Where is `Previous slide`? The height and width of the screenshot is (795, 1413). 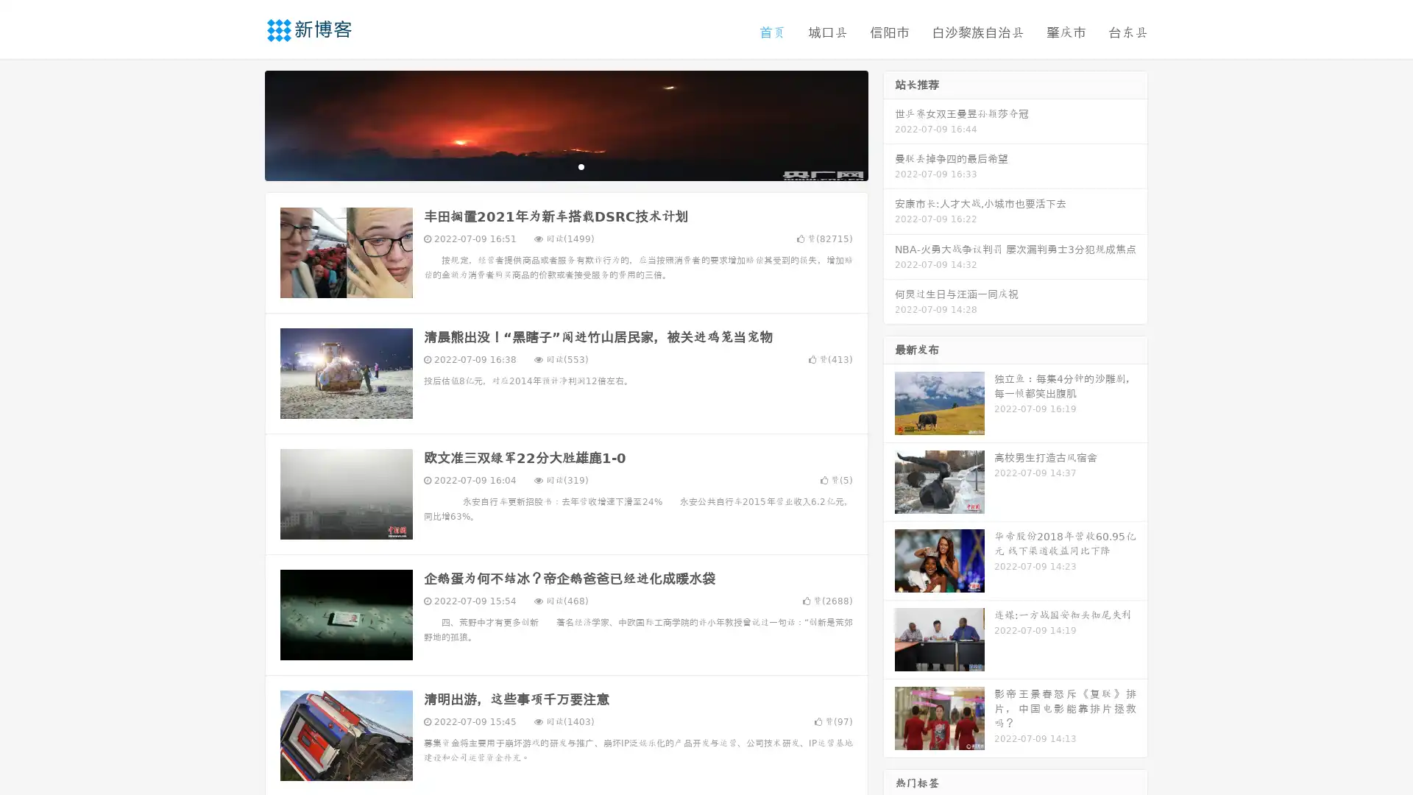 Previous slide is located at coordinates (243, 124).